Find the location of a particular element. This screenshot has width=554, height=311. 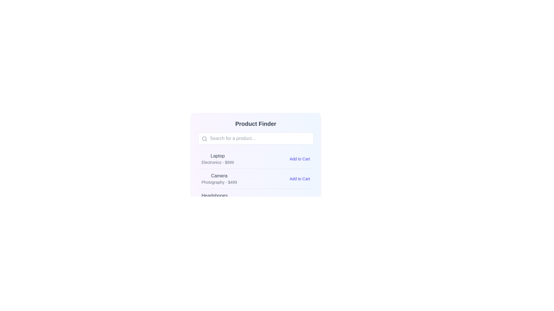

product details of the third item in the product listing, which includes 'Headphones' and its price 'Audio - $199', along with the 'Add to Cart' link is located at coordinates (255, 198).